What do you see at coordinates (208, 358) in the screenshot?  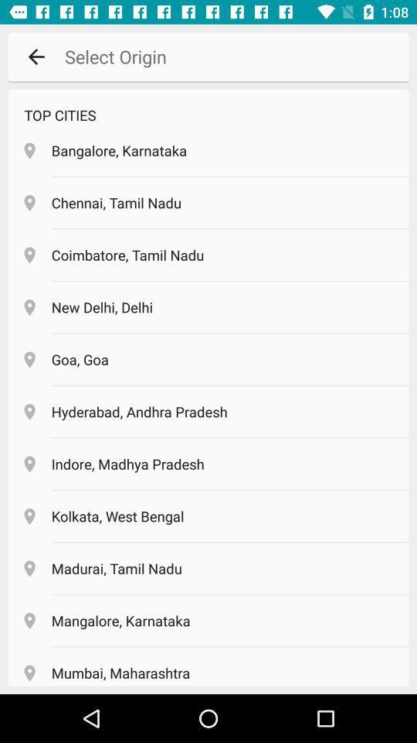 I see `the location goa goa` at bounding box center [208, 358].